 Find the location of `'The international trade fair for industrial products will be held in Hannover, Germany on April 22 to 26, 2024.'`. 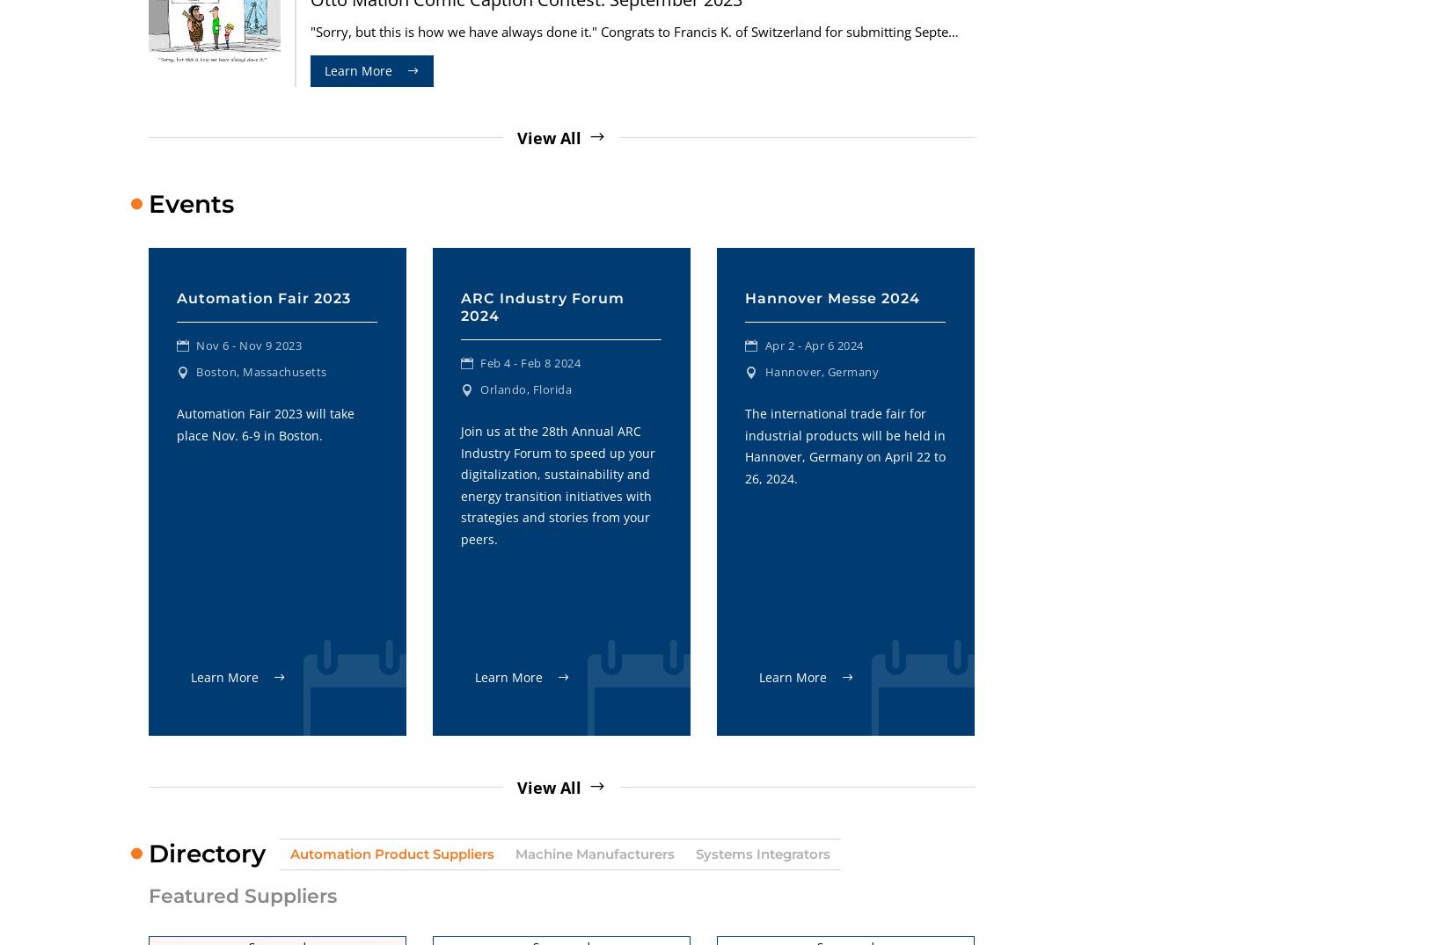

'The international trade fair for industrial products will be held in Hannover, Germany on April 22 to 26, 2024.' is located at coordinates (844, 444).